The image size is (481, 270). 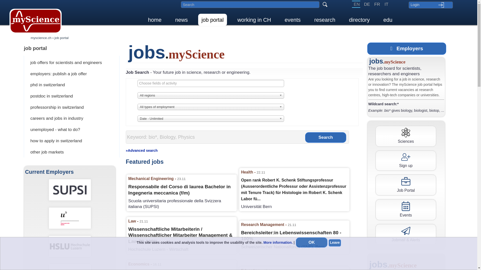 I want to click on 'IT', so click(x=386, y=4).